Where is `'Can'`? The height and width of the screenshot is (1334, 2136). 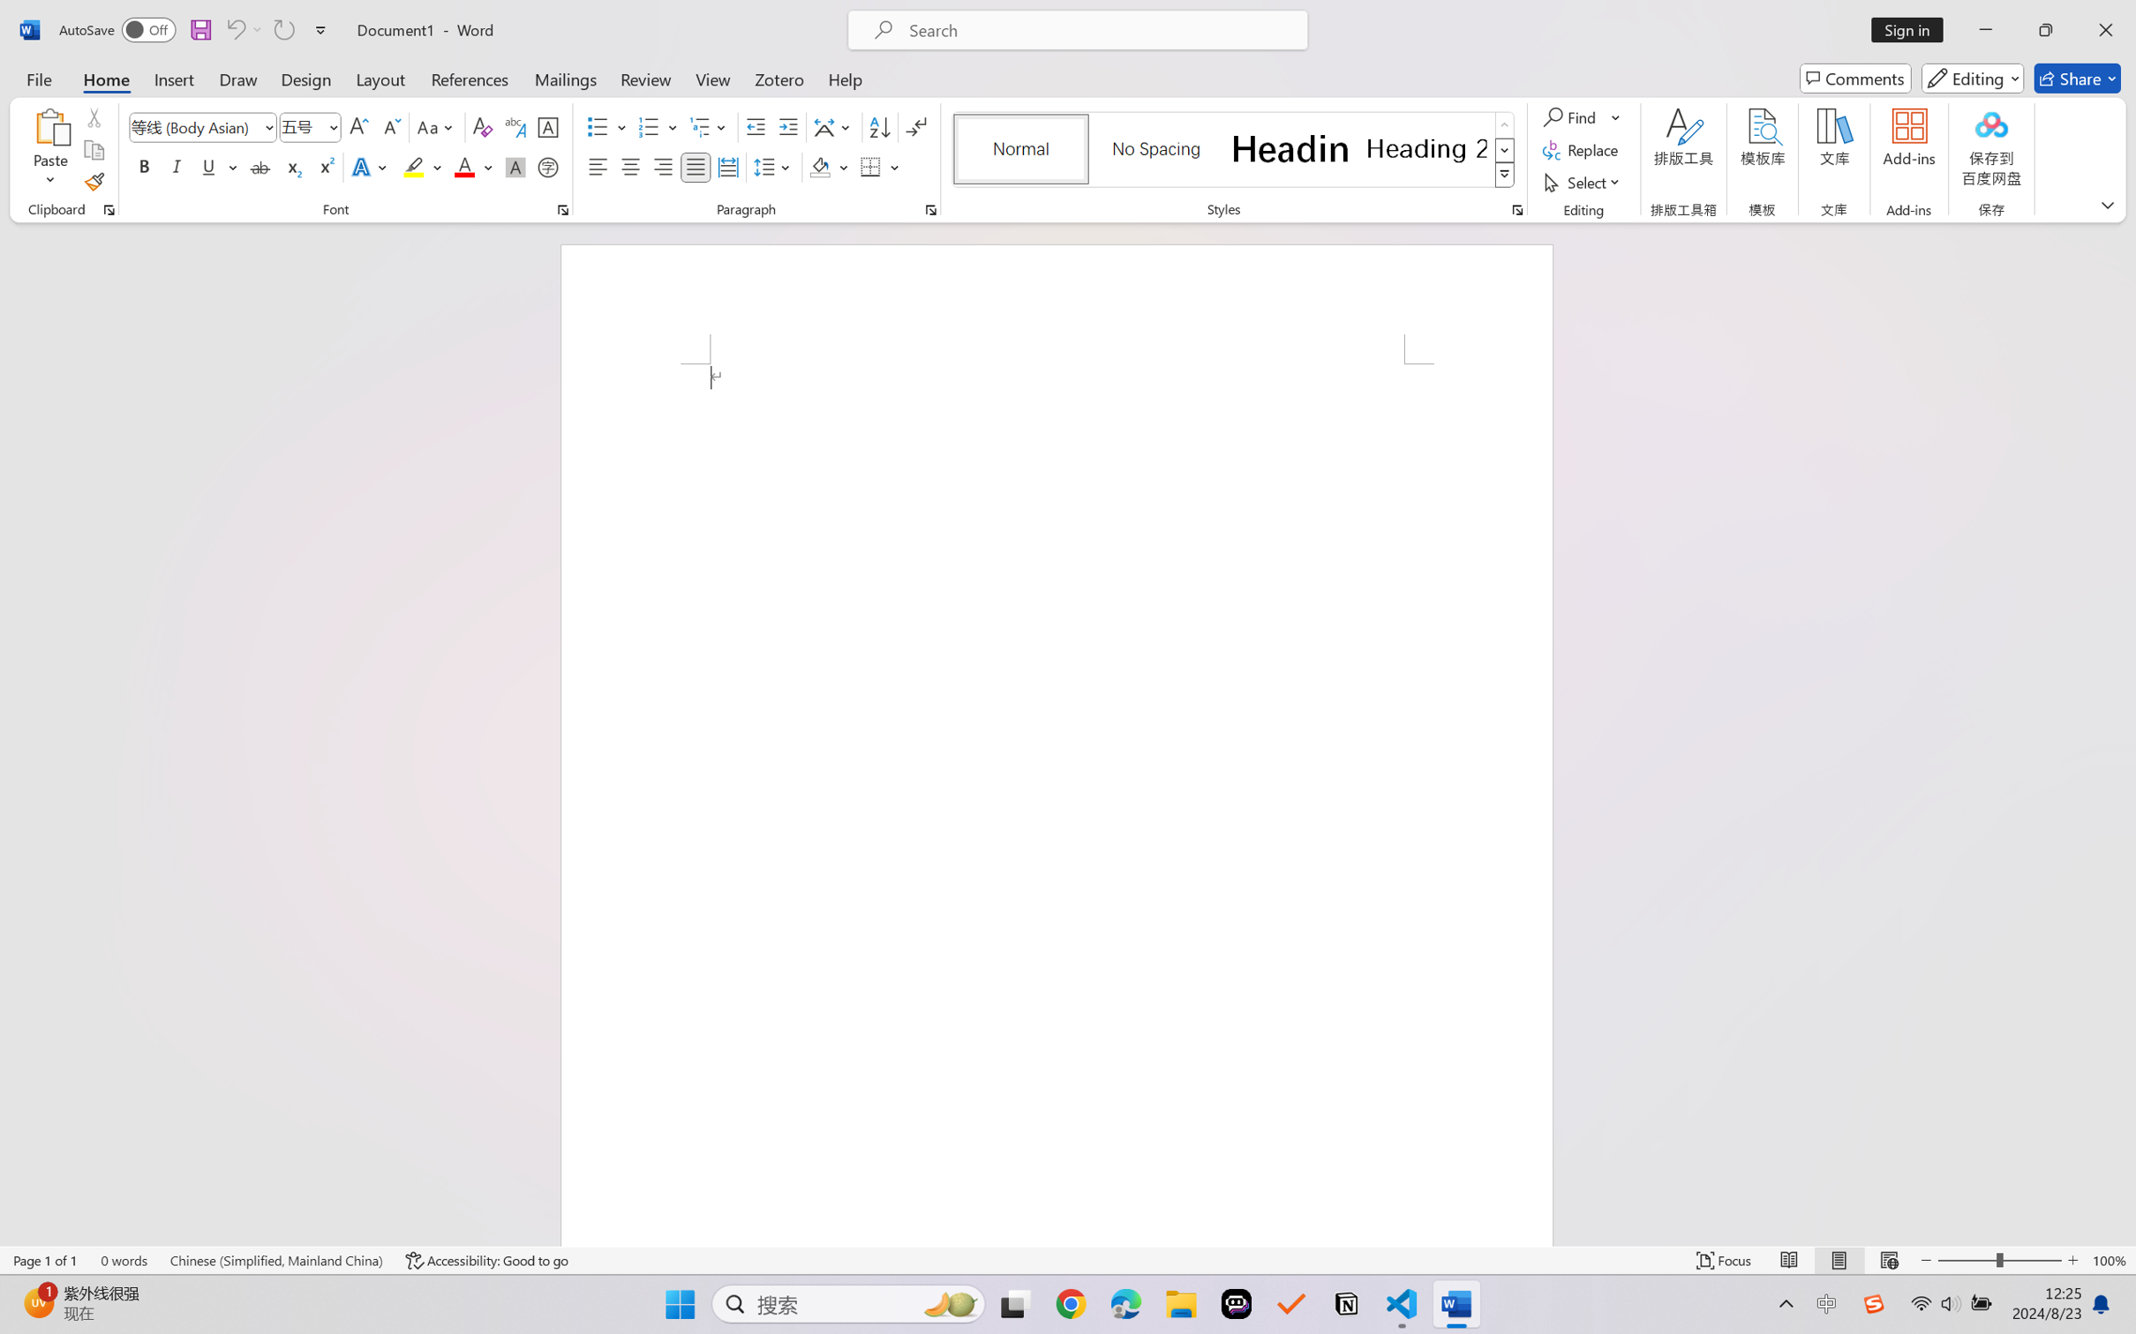
'Can' is located at coordinates (234, 29).